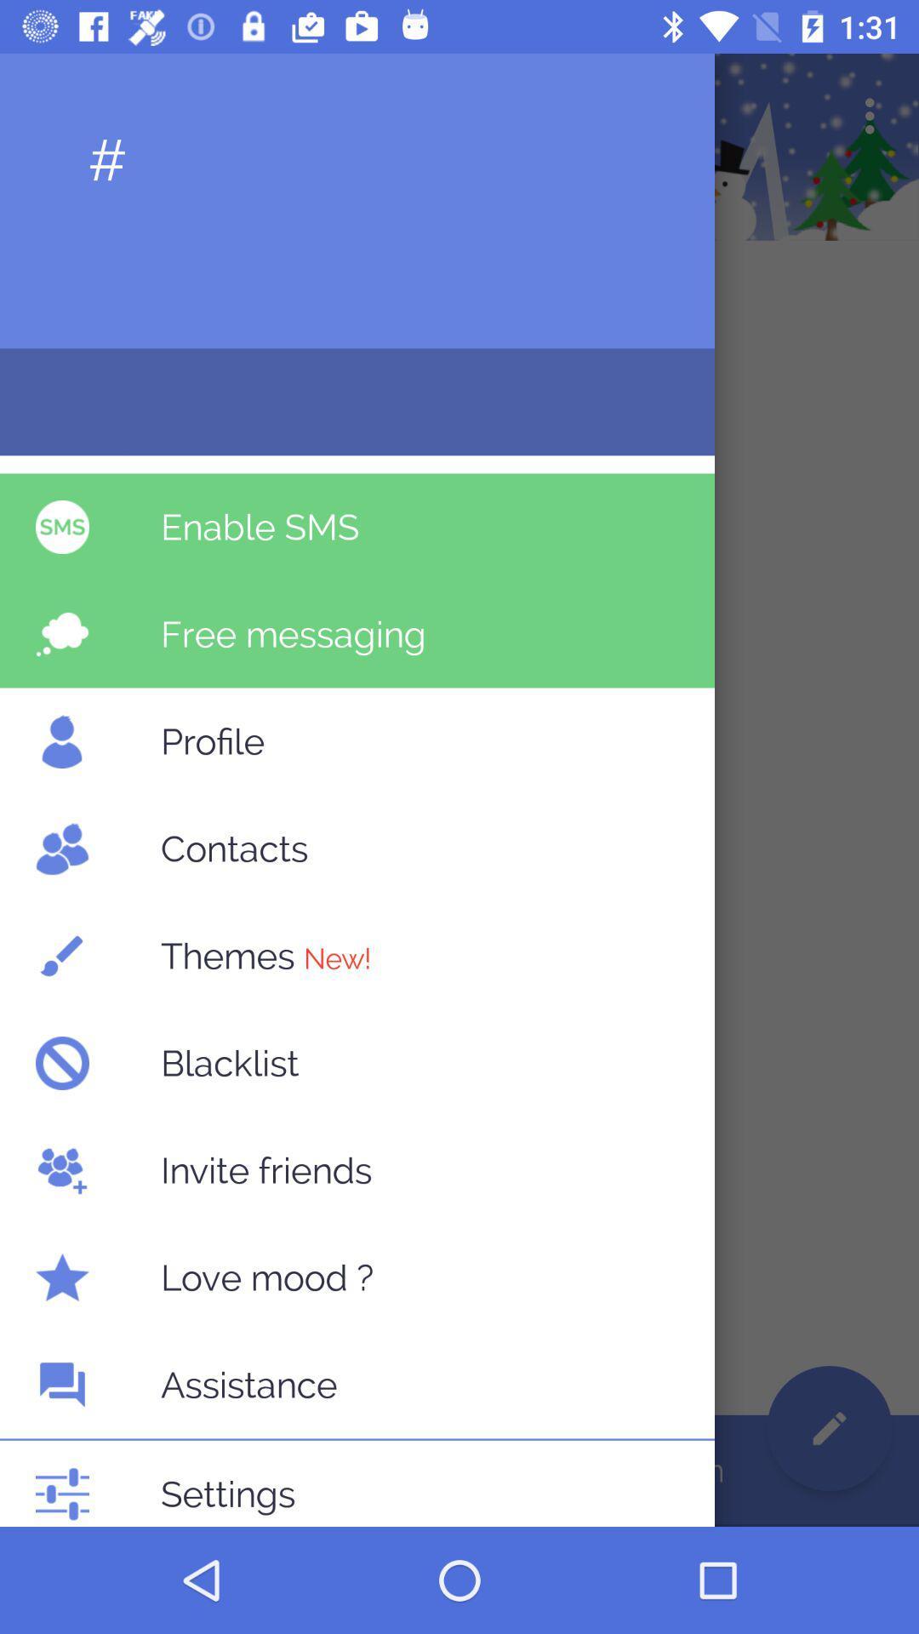 Image resolution: width=919 pixels, height=1634 pixels. What do you see at coordinates (61, 1062) in the screenshot?
I see `the icon left to the blacklist` at bounding box center [61, 1062].